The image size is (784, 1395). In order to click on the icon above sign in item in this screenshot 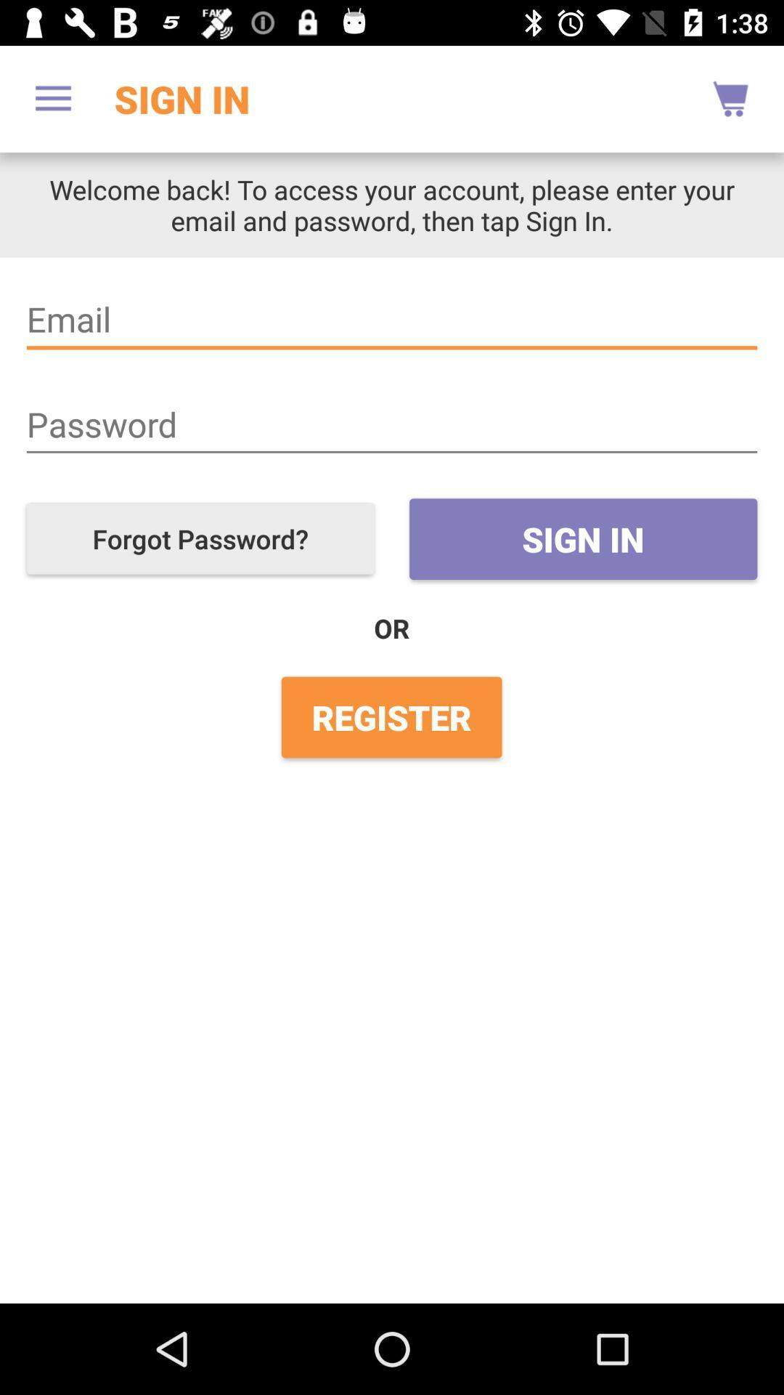, I will do `click(392, 424)`.